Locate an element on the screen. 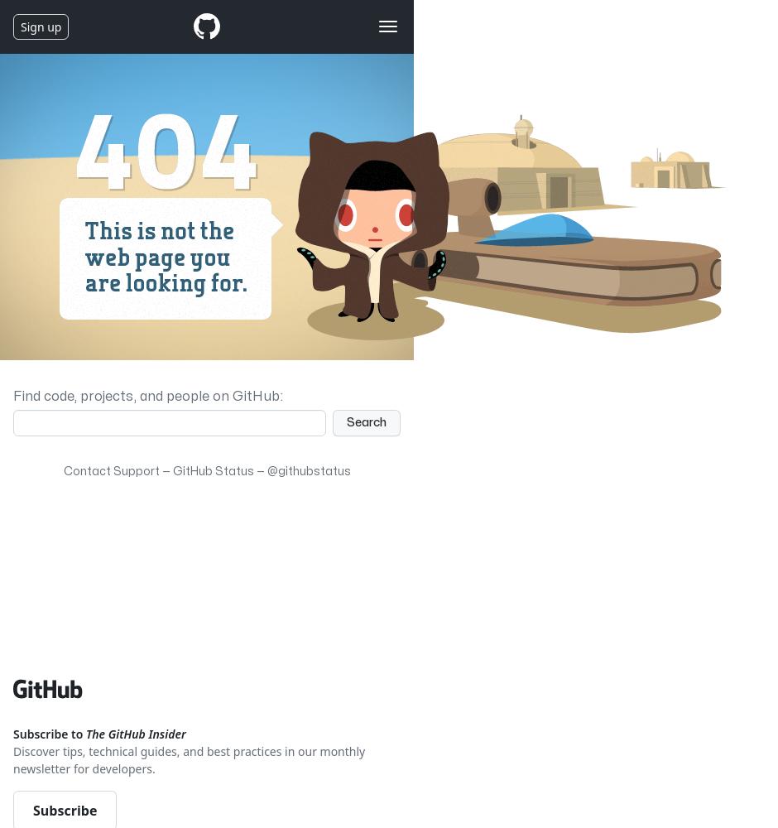  'Enterprise' is located at coordinates (67, 81).